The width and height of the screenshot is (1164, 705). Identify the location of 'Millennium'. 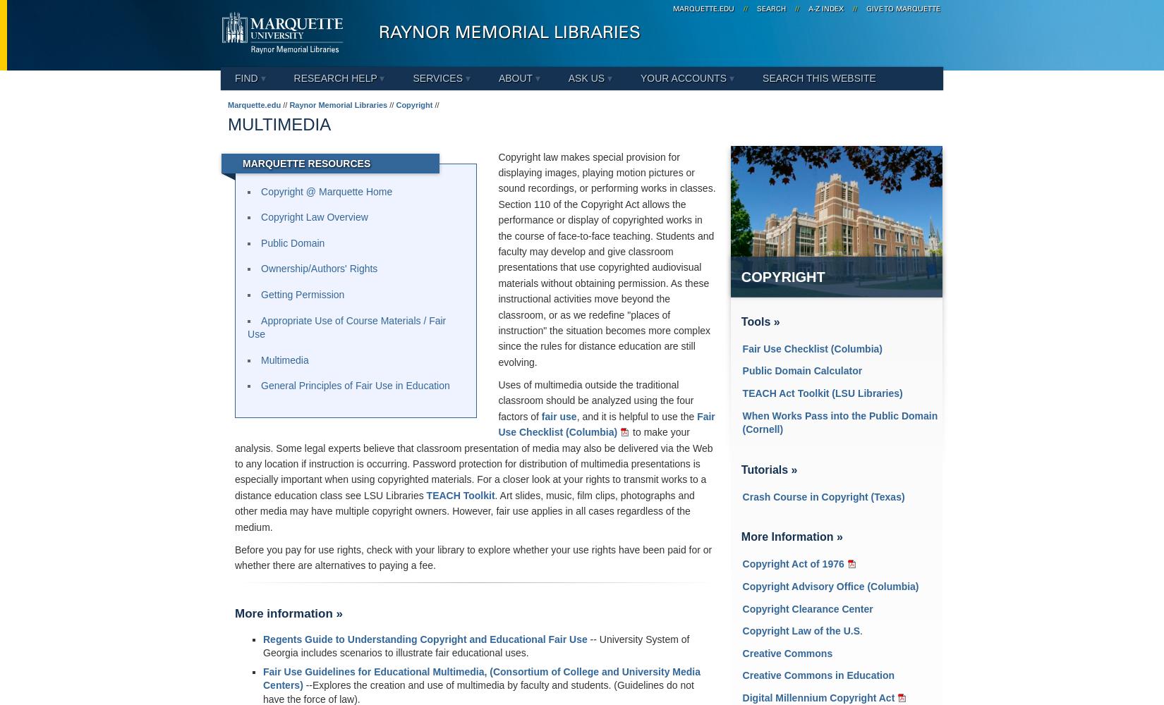
(802, 697).